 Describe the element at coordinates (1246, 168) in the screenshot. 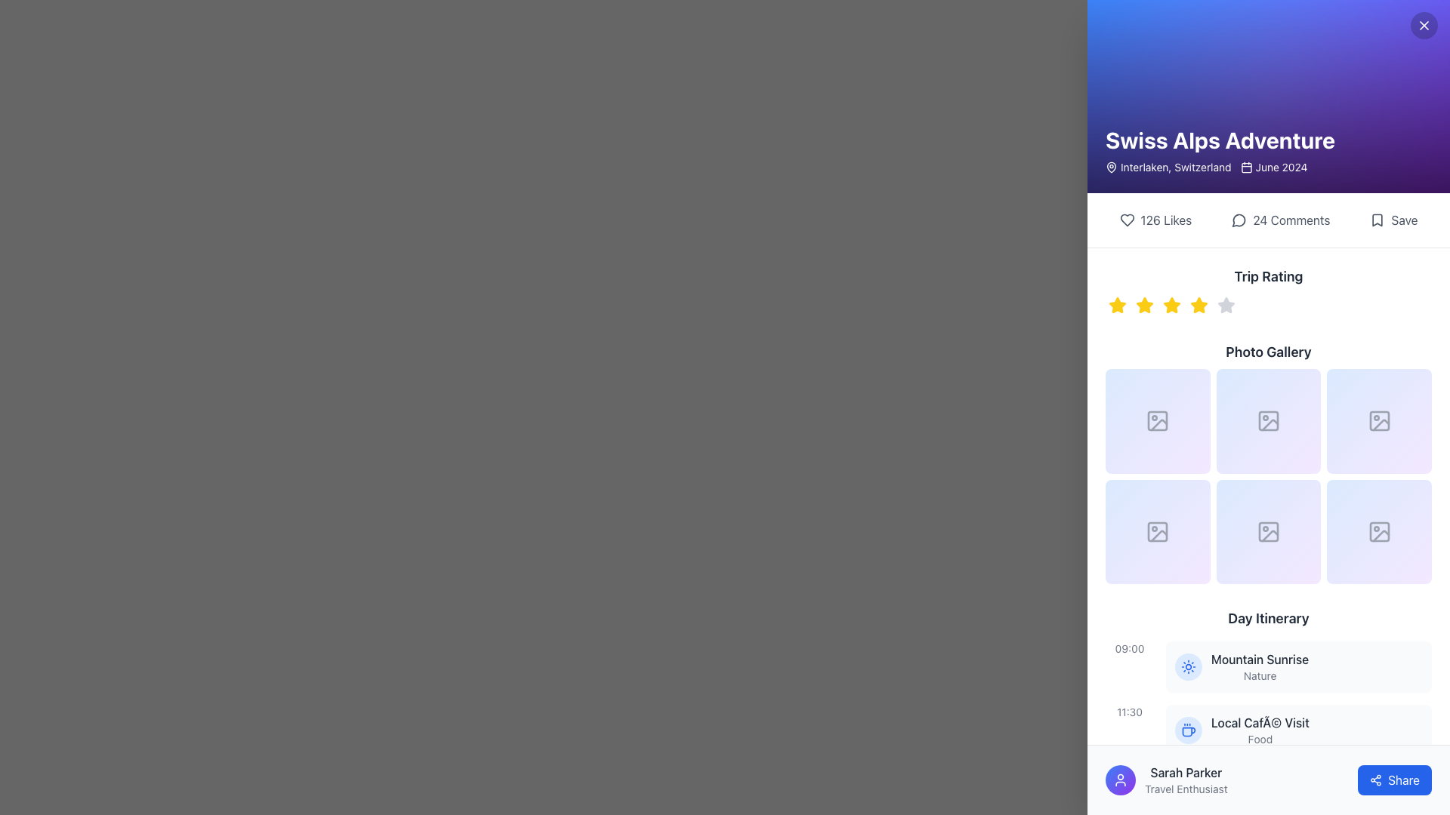

I see `the calendar icon's decorative rectangle that serves as an indicator within the icon` at that location.